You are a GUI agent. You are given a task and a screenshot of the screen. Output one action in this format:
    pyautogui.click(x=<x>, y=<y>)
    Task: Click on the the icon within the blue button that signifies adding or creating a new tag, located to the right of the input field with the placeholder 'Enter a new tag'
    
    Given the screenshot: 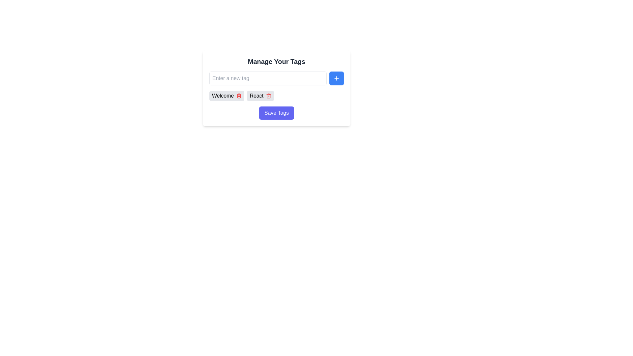 What is the action you would take?
    pyautogui.click(x=337, y=78)
    